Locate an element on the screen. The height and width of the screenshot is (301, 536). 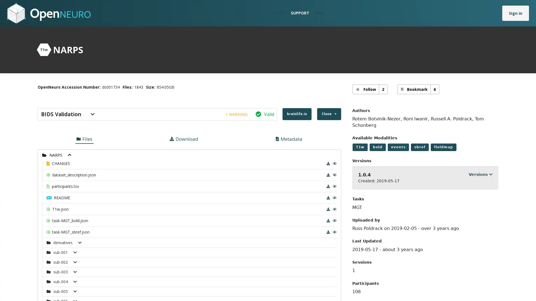
copy Github url is located at coordinates (238, 141).